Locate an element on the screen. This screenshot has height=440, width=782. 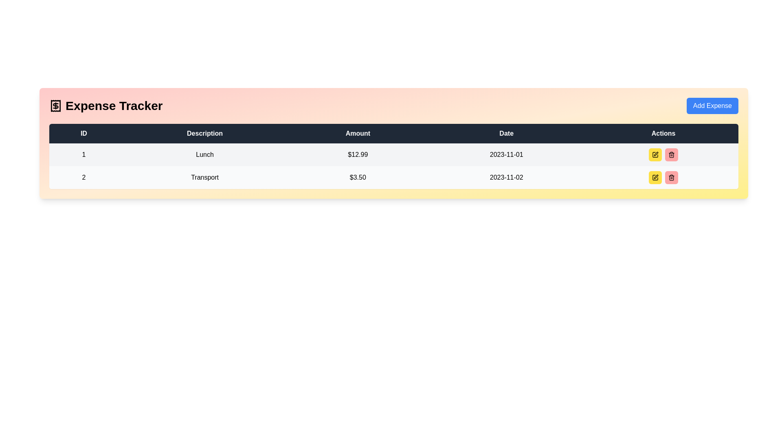
the text label that reads 'Transport', which is located in the second row under the 'Description' column of a structured table, horizontally aligned between the 'ID' and 'Amount' columns is located at coordinates (205, 177).